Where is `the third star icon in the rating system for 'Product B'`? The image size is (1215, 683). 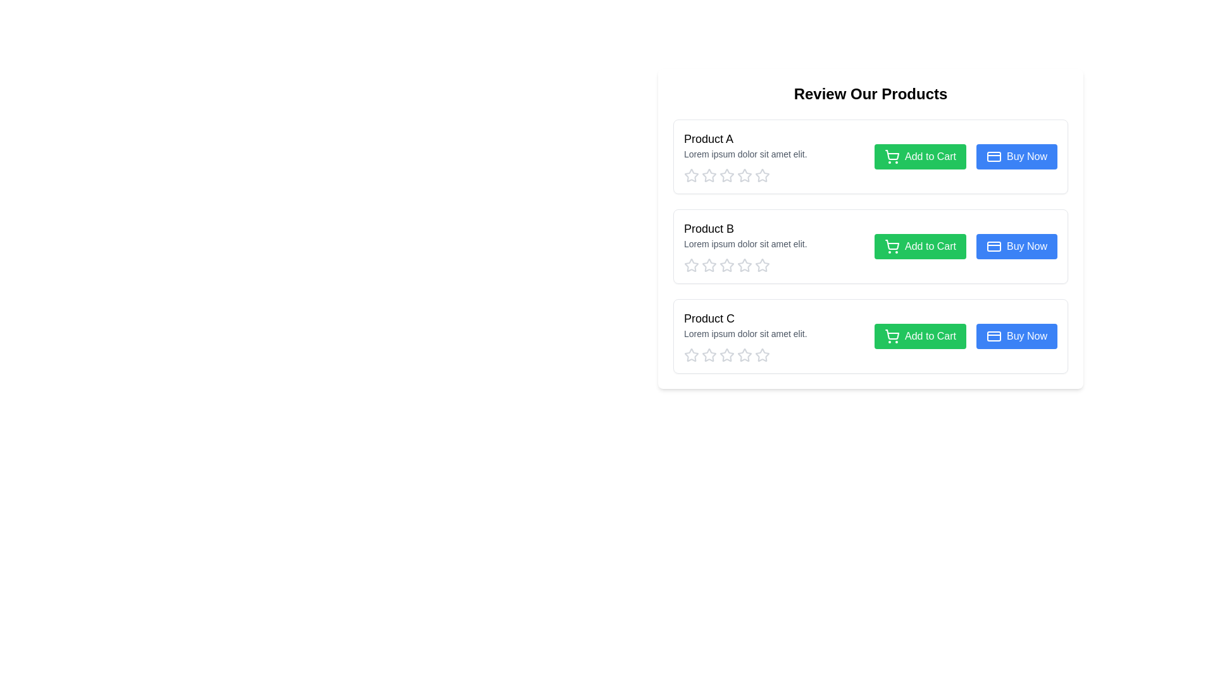
the third star icon in the rating system for 'Product B' is located at coordinates (726, 265).